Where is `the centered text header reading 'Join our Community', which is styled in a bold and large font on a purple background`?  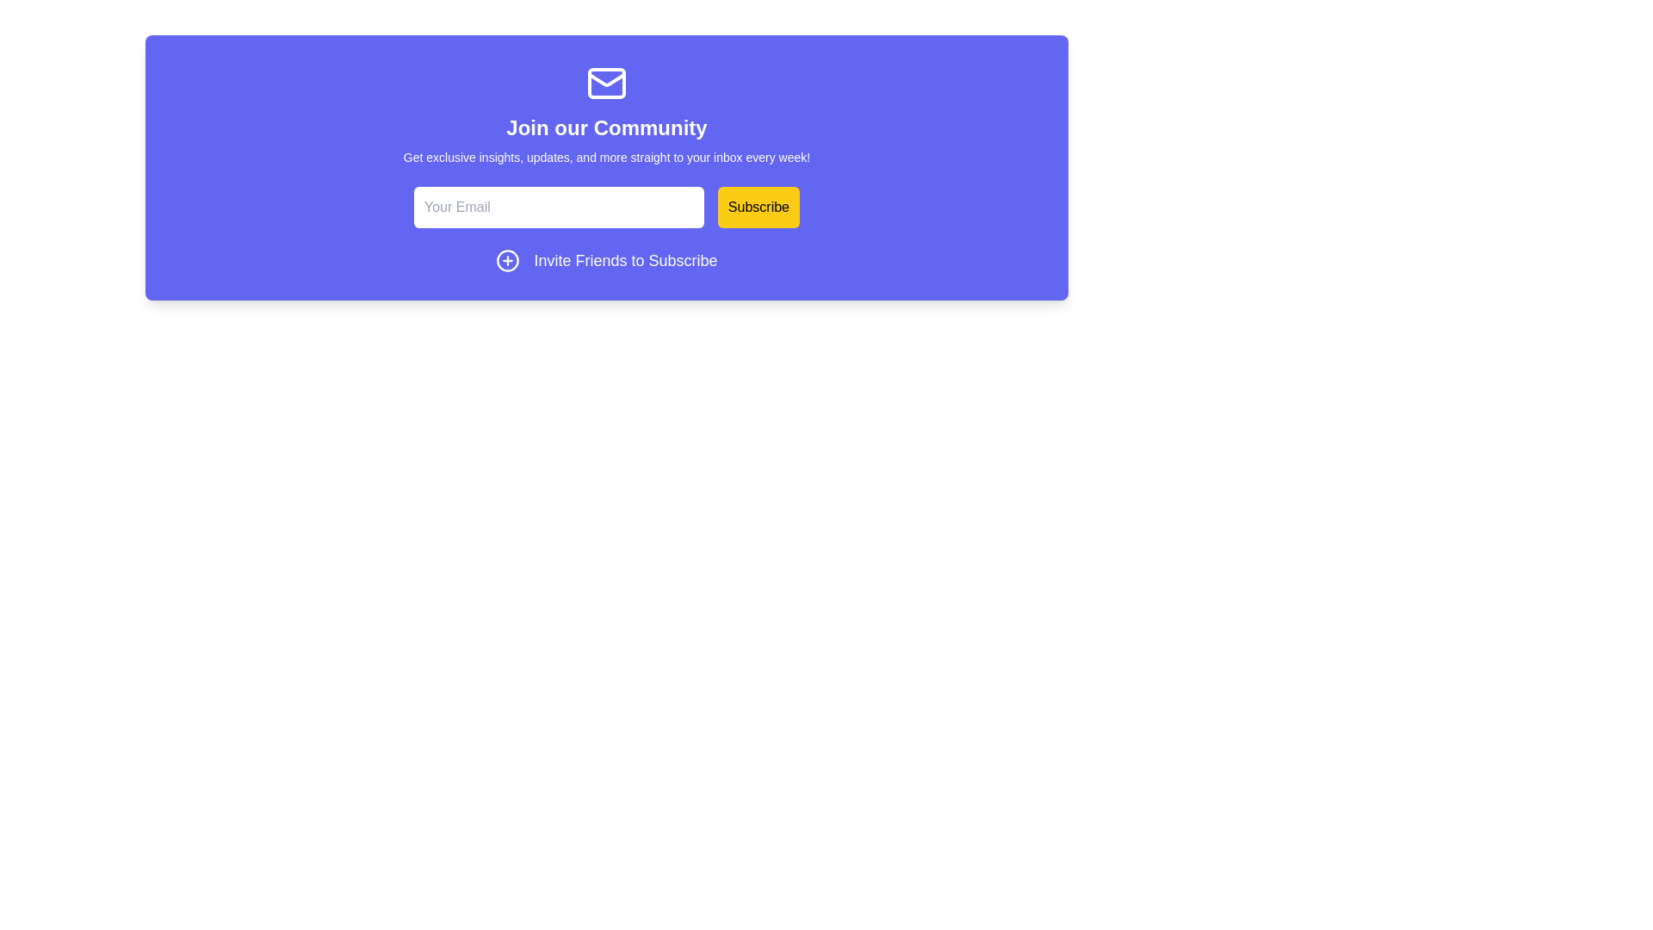
the centered text header reading 'Join our Community', which is styled in a bold and large font on a purple background is located at coordinates (607, 127).